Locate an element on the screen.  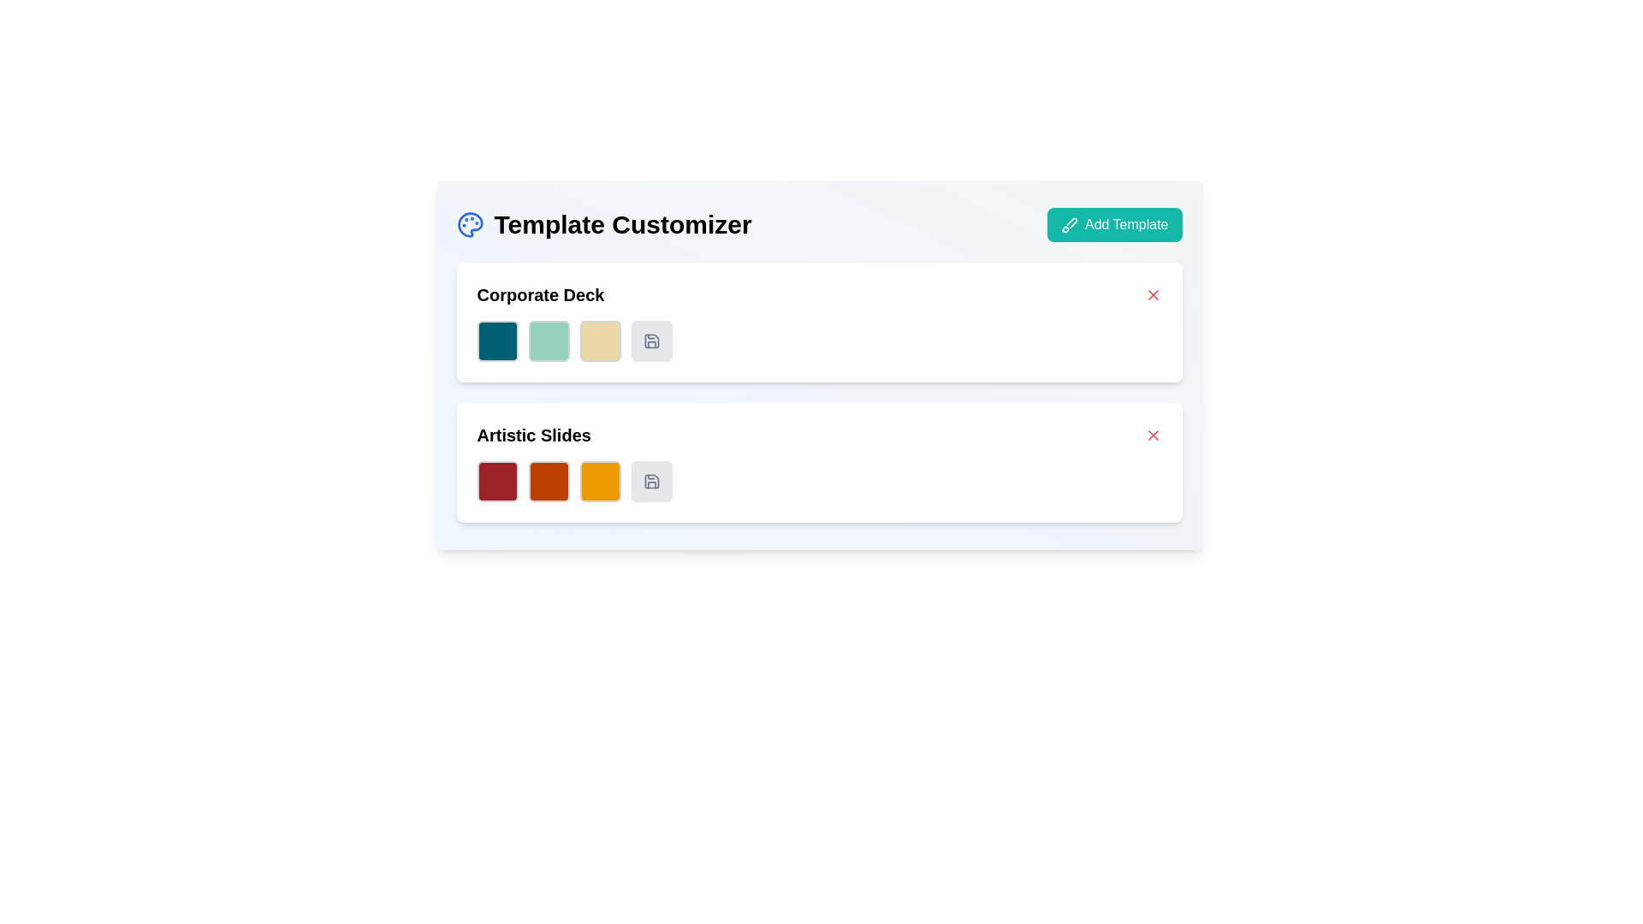
the save icon located is located at coordinates (650, 341).